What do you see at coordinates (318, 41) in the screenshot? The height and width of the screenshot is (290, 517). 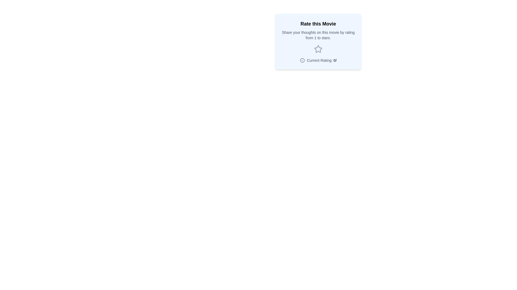 I see `contents of the Rating component located at the top-middle of the interface, which allows users to rate a movie with stars and displays the current rating score` at bounding box center [318, 41].